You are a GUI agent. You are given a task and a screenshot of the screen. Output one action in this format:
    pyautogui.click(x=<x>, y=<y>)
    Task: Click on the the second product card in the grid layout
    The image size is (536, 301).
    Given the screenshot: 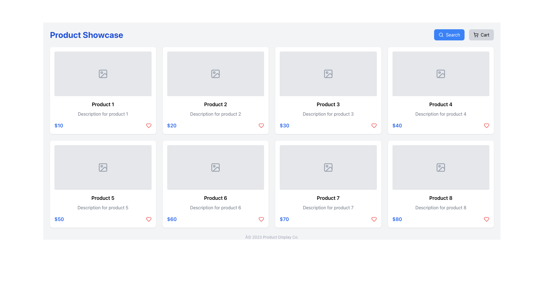 What is the action you would take?
    pyautogui.click(x=215, y=90)
    